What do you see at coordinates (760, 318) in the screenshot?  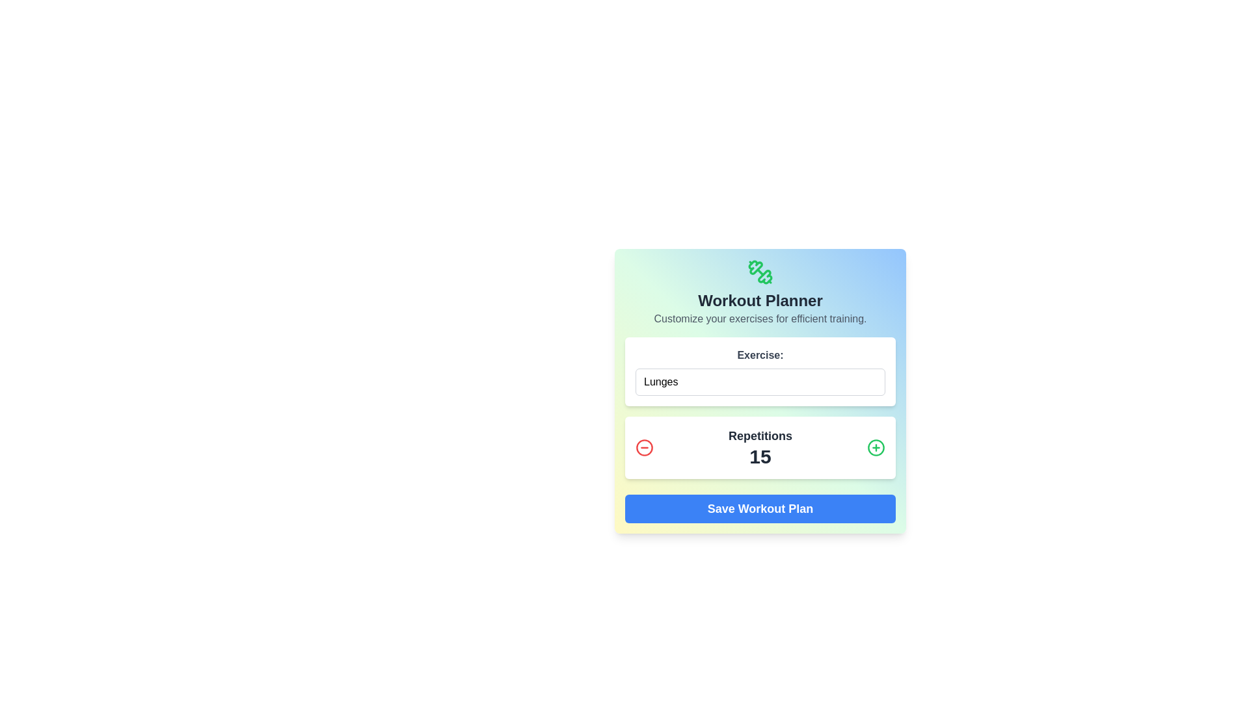 I see `descriptive subheading located below the 'Workout Planner' heading, which guides the user about the section's purpose` at bounding box center [760, 318].